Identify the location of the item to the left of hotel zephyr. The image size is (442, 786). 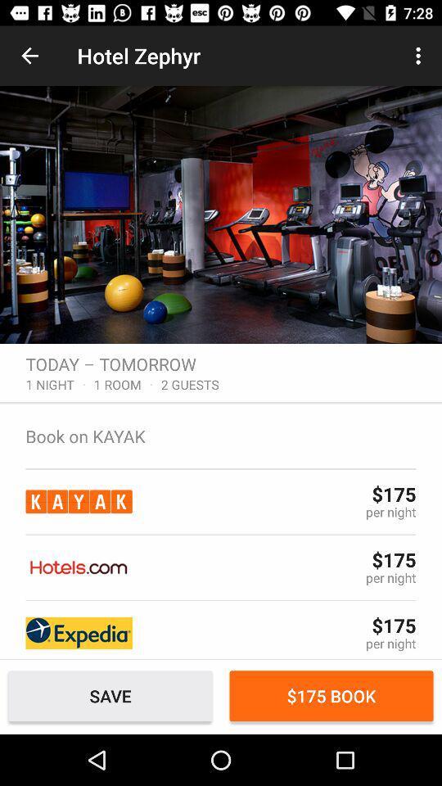
(29, 56).